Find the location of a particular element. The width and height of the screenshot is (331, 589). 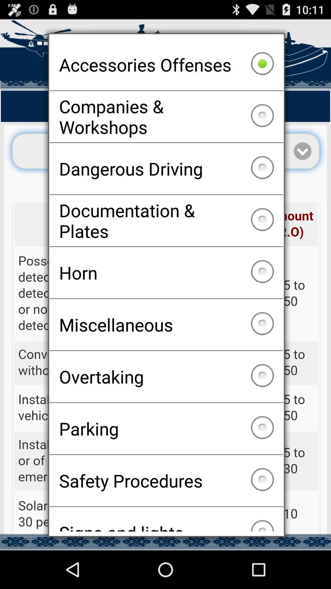

icon above the miscellaneous is located at coordinates (166, 272).